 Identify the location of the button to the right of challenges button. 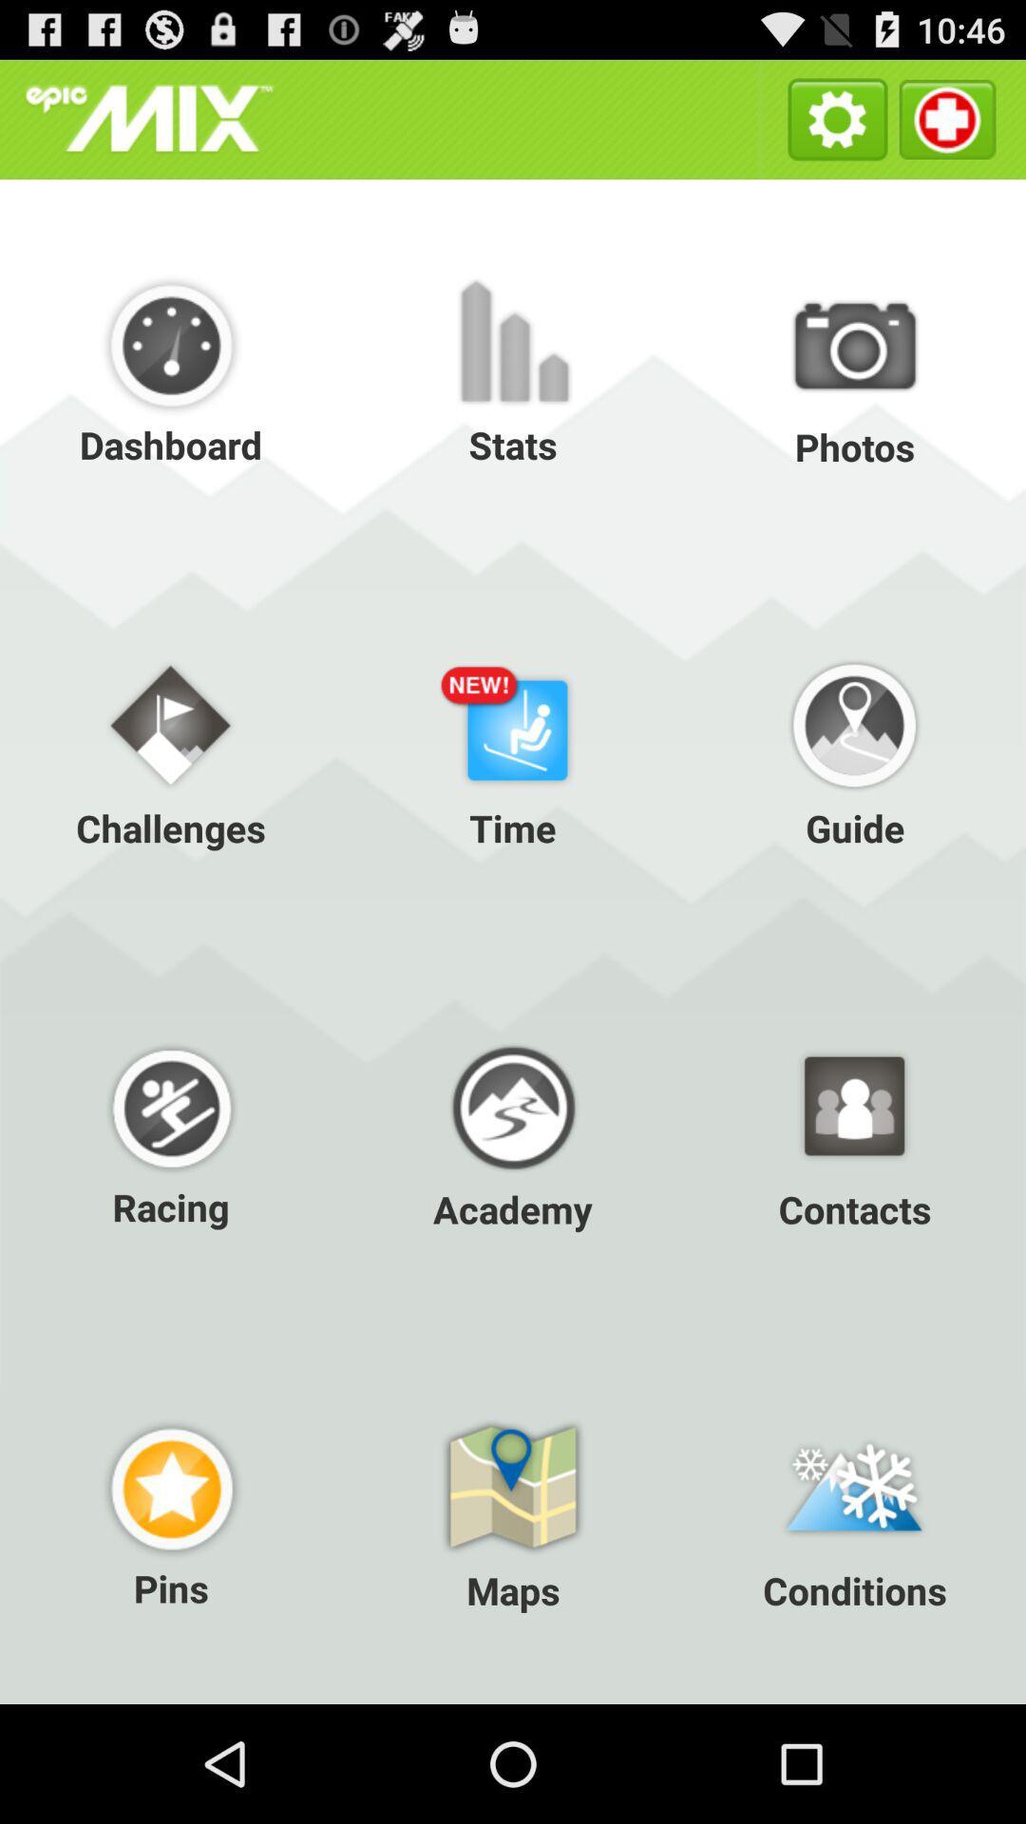
(513, 750).